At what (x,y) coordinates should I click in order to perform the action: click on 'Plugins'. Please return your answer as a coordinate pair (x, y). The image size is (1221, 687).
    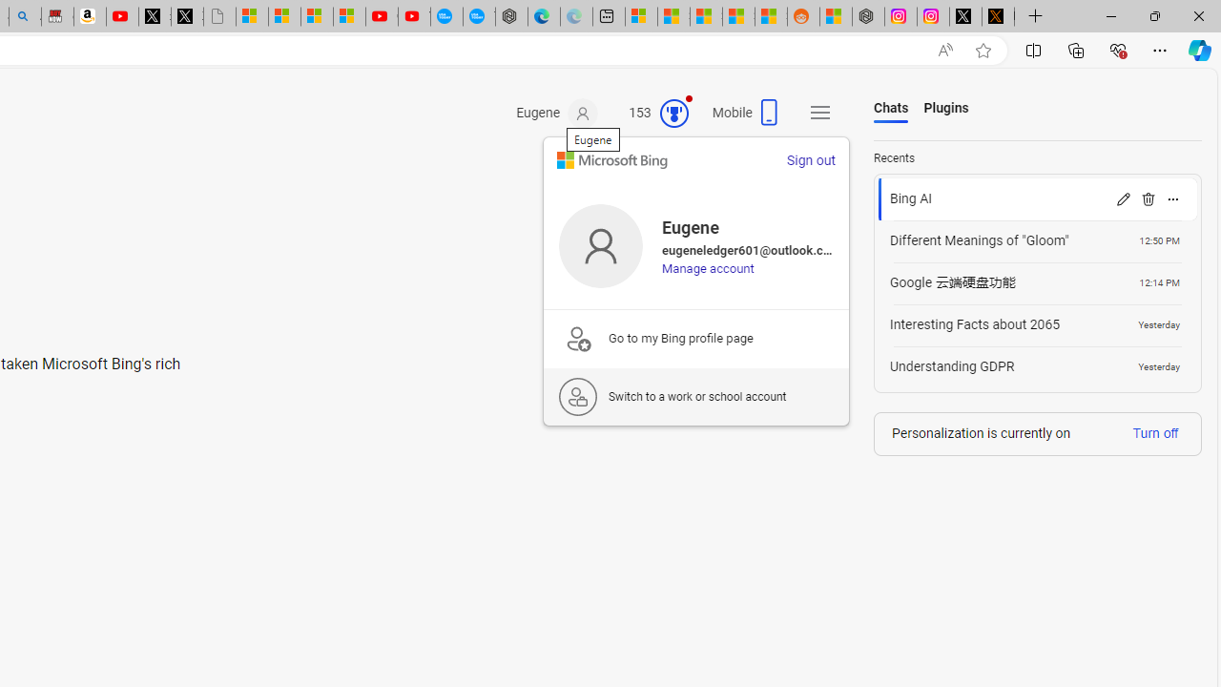
    Looking at the image, I should click on (946, 109).